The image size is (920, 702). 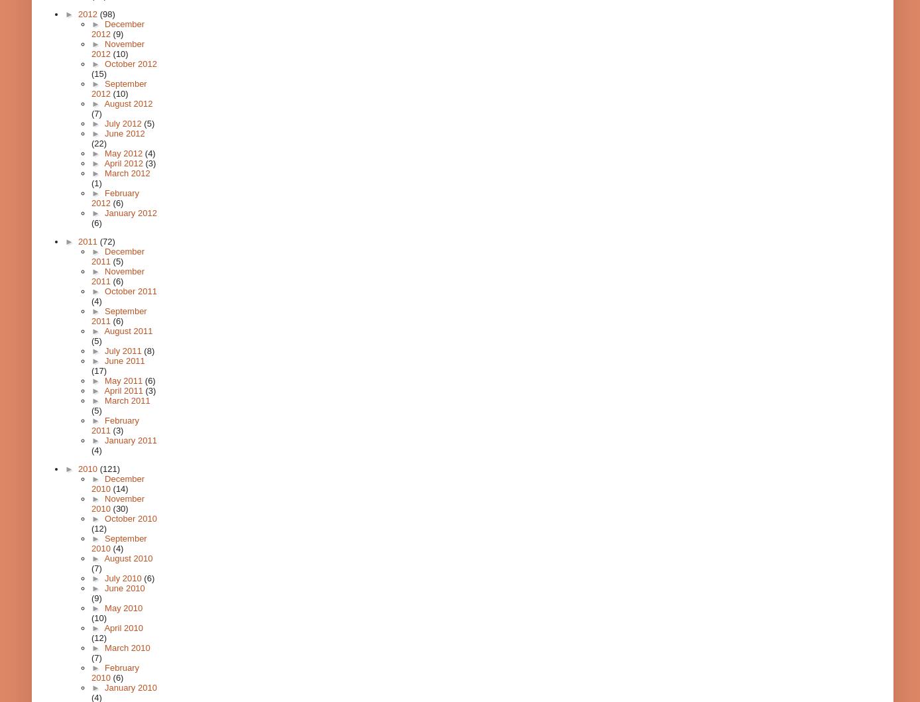 What do you see at coordinates (129, 440) in the screenshot?
I see `'January 2011'` at bounding box center [129, 440].